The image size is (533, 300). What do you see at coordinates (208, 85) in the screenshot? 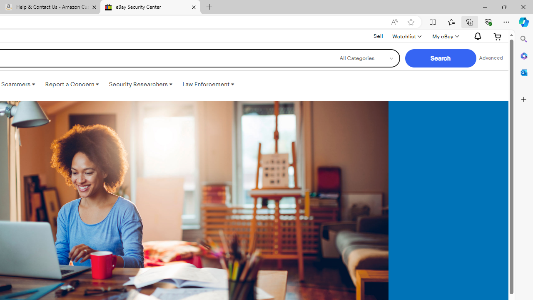
I see `'Law Enforcement '` at bounding box center [208, 85].